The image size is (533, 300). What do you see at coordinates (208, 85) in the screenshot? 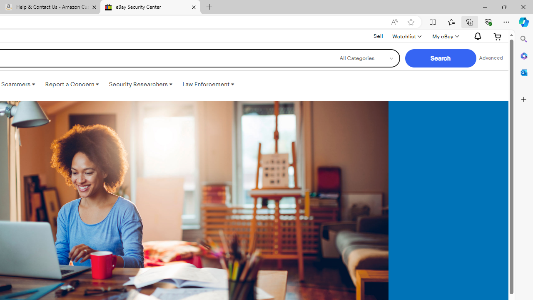
I see `'Law Enforcement '` at bounding box center [208, 85].